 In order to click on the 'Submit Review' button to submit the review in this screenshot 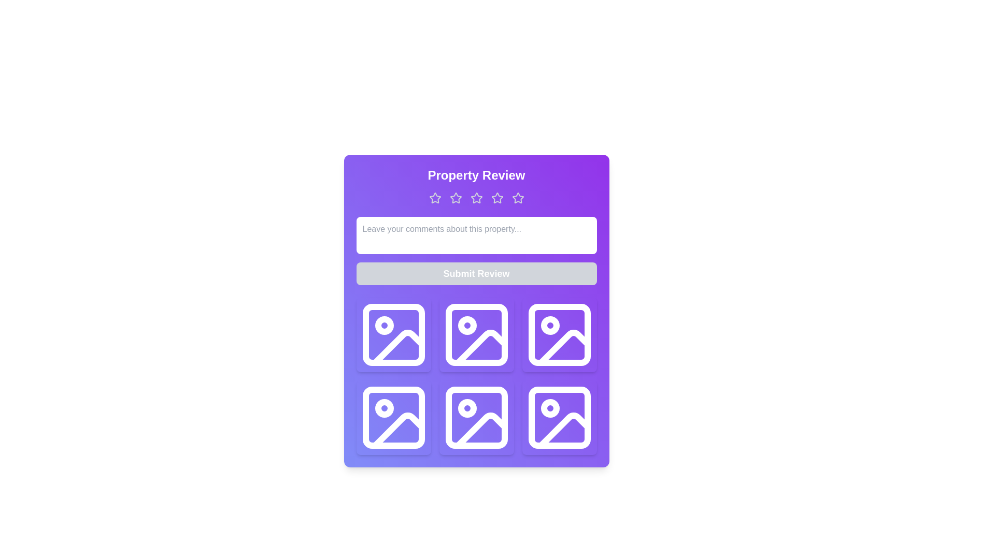, I will do `click(476, 273)`.